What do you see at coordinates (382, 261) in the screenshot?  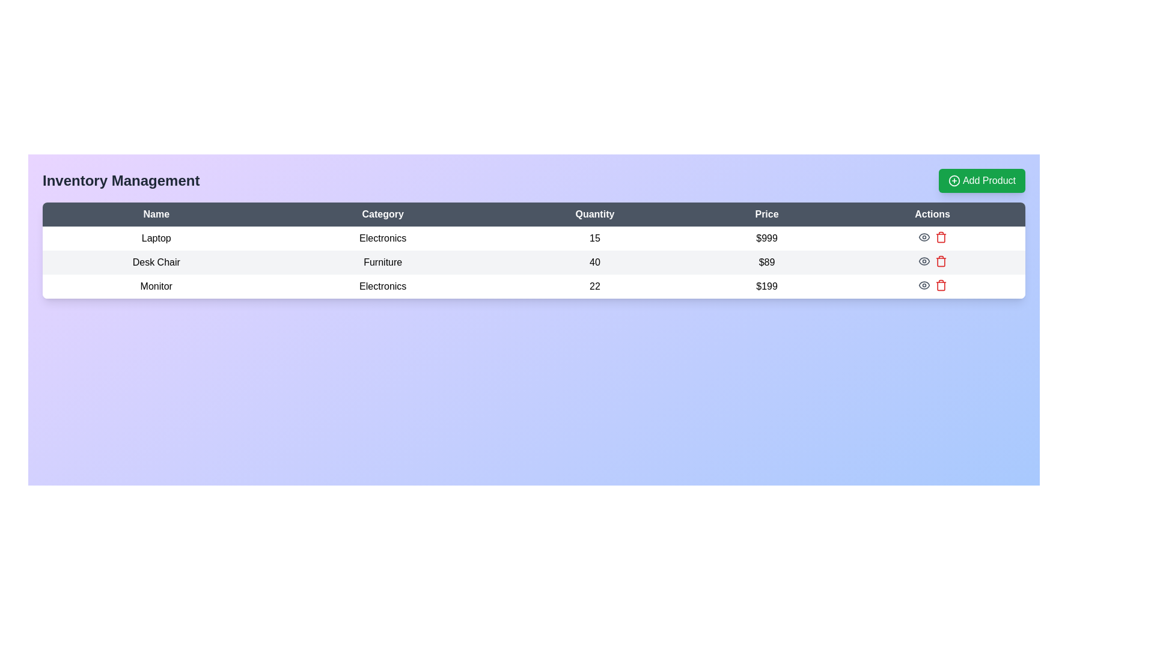 I see `the table cell representing the category 'Furniture', which is the second cell in the row starting with 'Desk Chair'` at bounding box center [382, 261].